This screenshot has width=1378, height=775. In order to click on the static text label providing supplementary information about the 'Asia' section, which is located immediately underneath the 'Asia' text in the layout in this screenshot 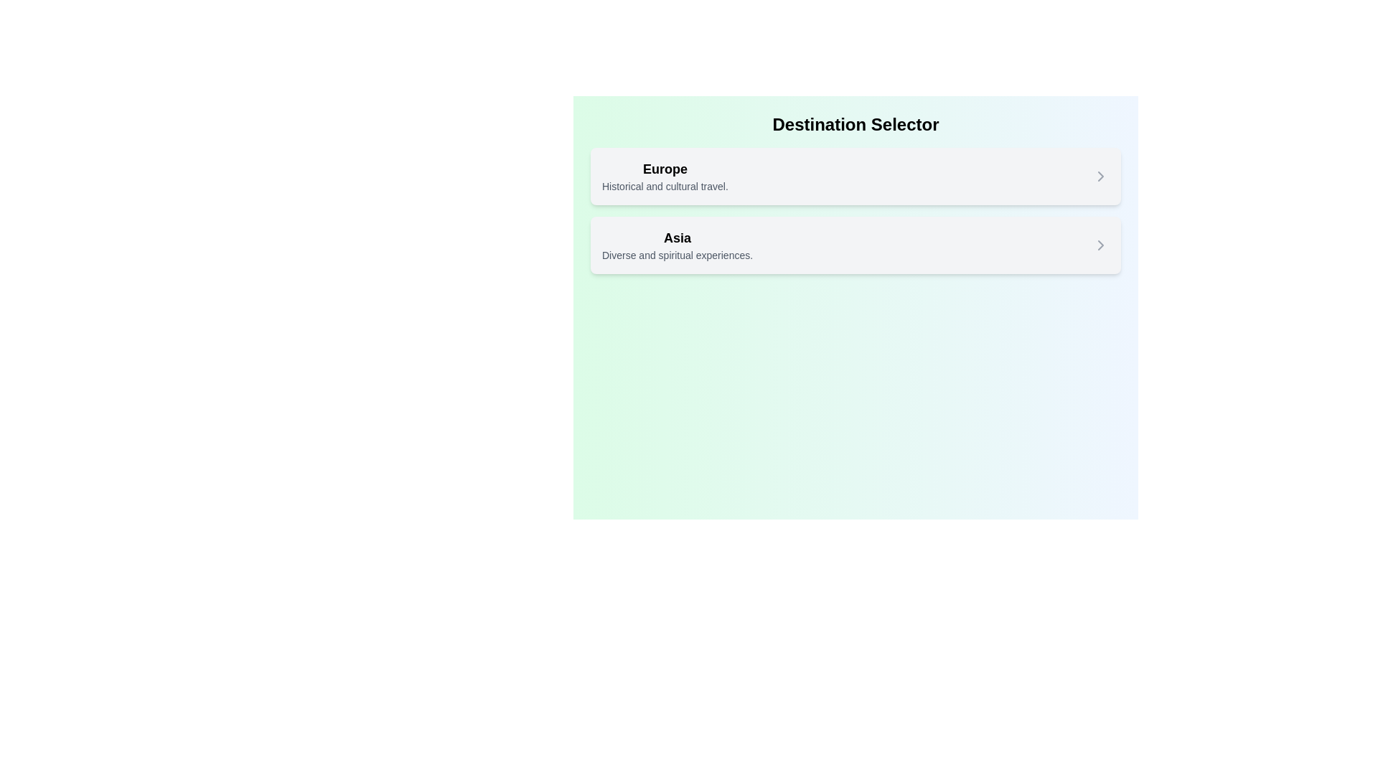, I will do `click(677, 254)`.